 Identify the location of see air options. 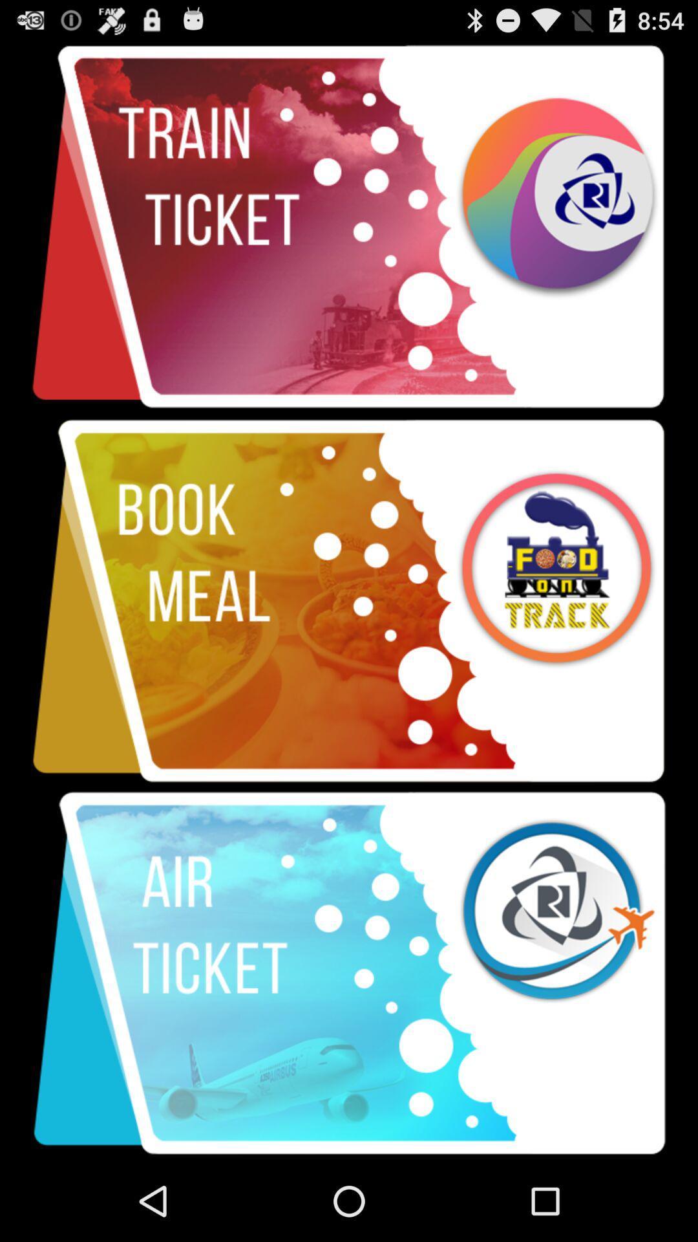
(349, 974).